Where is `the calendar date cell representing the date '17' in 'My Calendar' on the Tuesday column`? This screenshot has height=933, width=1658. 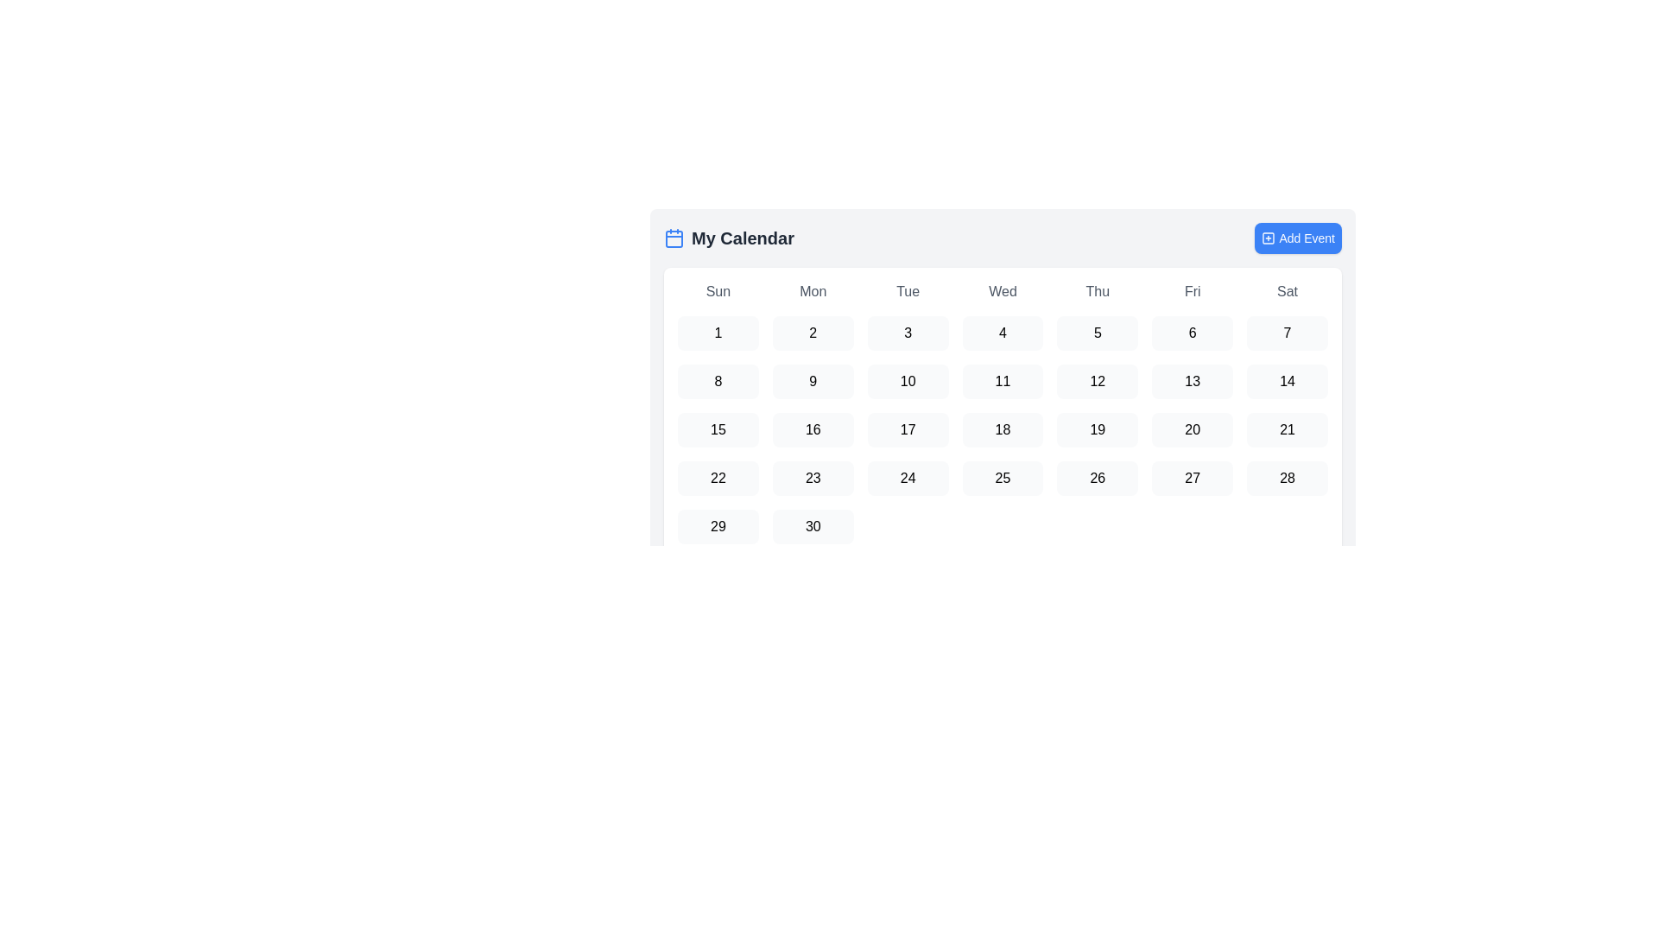
the calendar date cell representing the date '17' in 'My Calendar' on the Tuesday column is located at coordinates (907, 428).